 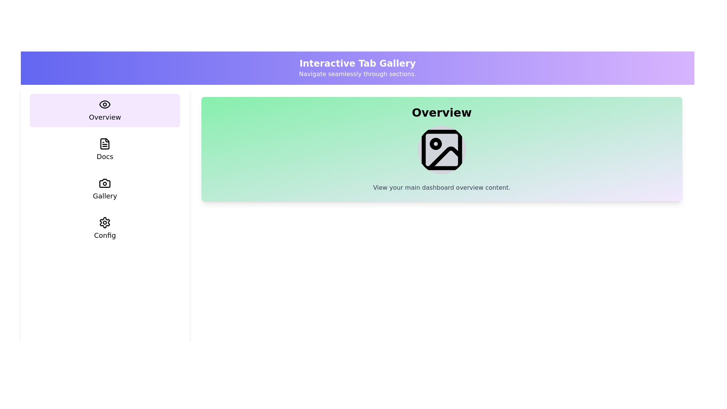 I want to click on the tab named Config by clicking its icon, so click(x=105, y=228).